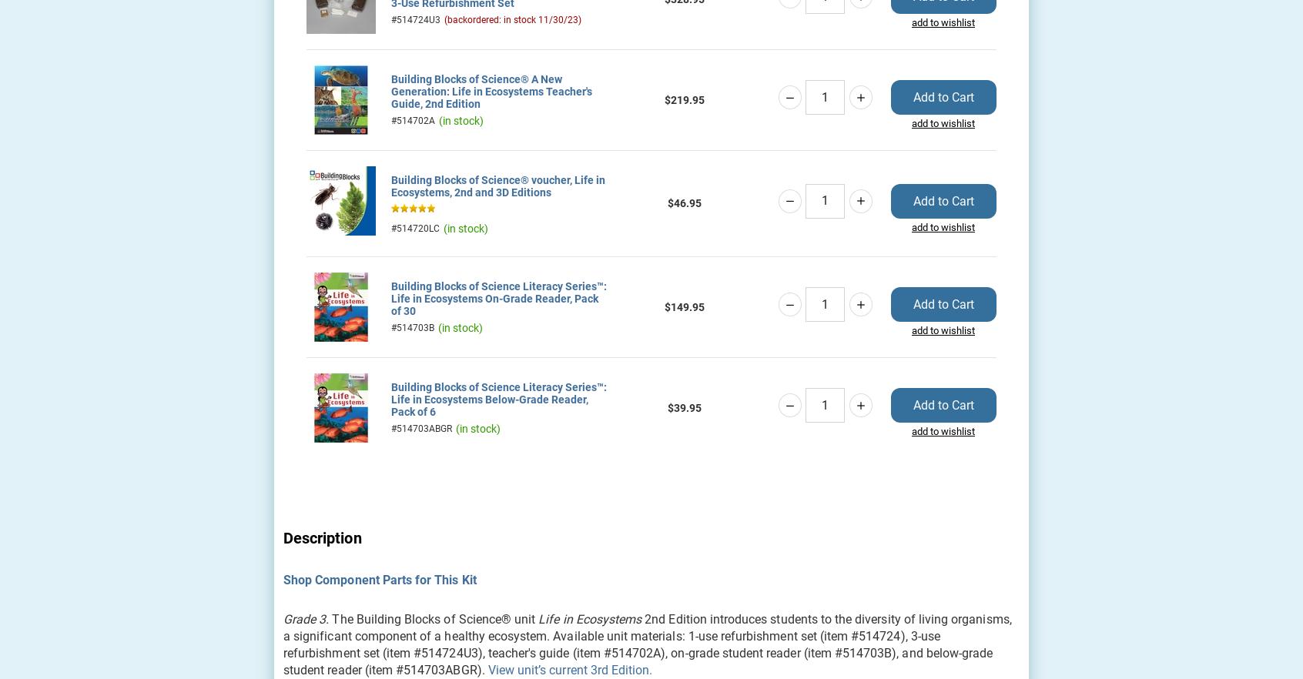 The width and height of the screenshot is (1303, 679). Describe the element at coordinates (421, 427) in the screenshot. I see `'#514703ABGR'` at that location.